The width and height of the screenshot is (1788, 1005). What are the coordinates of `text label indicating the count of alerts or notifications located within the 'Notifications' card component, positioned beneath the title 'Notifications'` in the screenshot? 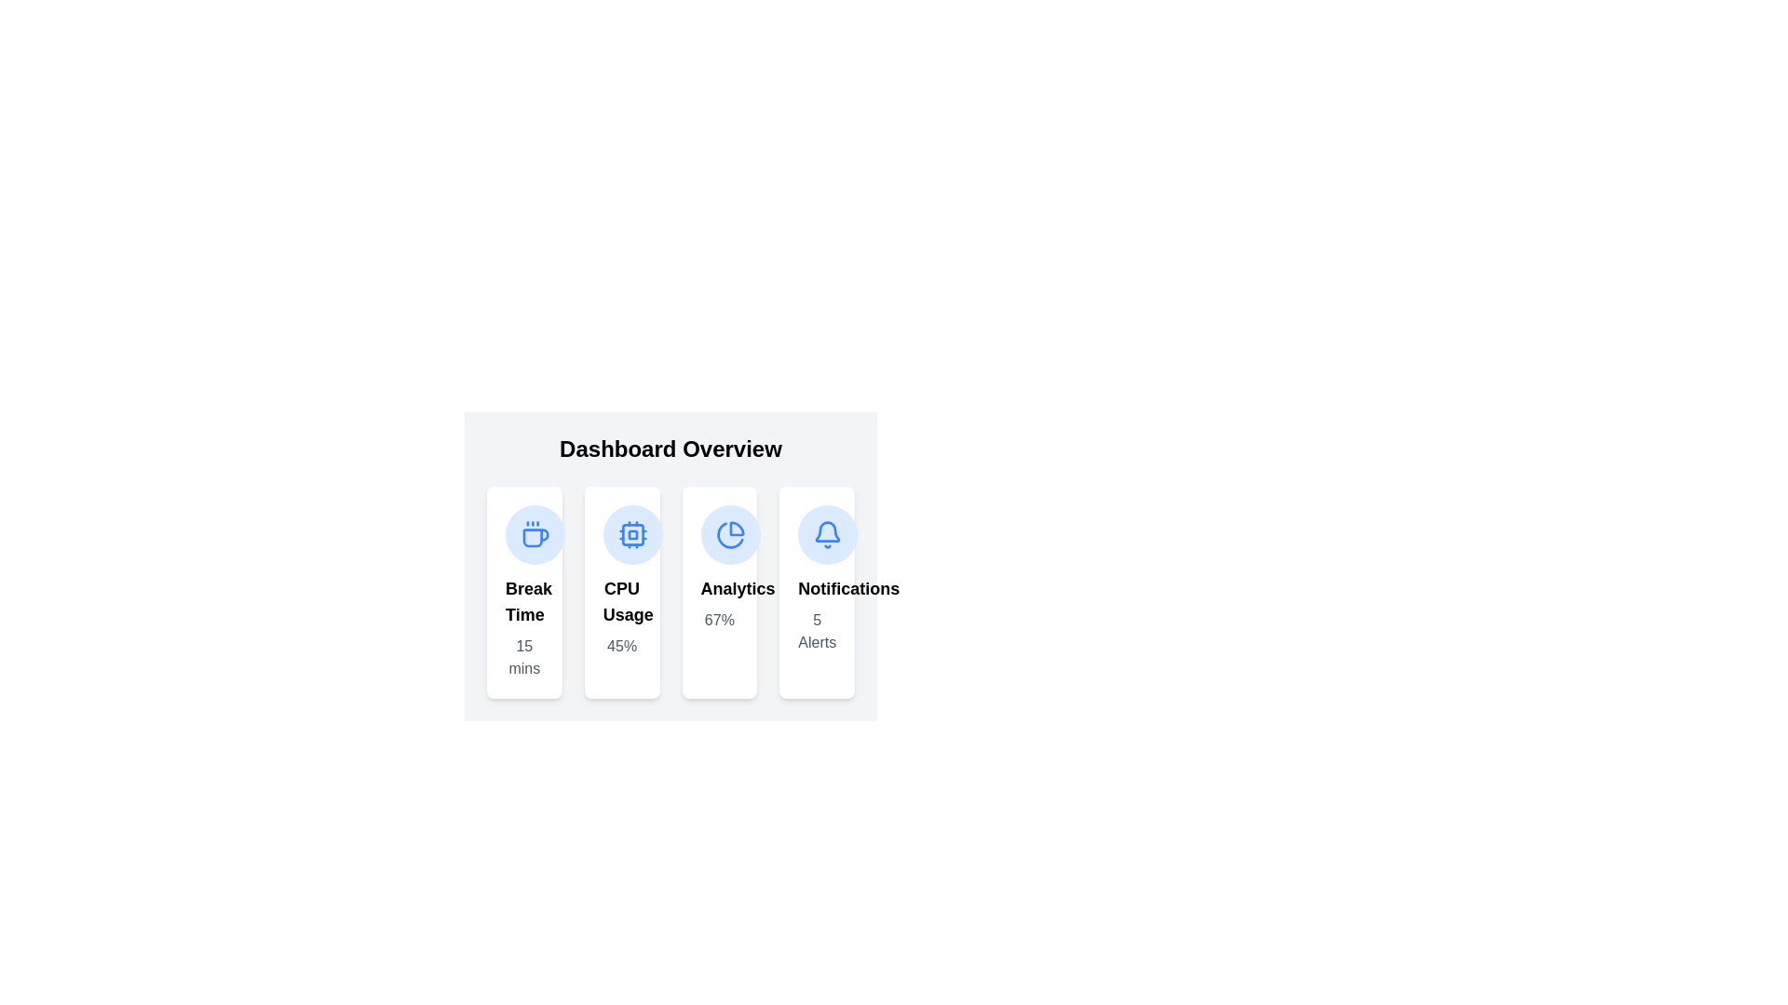 It's located at (817, 630).